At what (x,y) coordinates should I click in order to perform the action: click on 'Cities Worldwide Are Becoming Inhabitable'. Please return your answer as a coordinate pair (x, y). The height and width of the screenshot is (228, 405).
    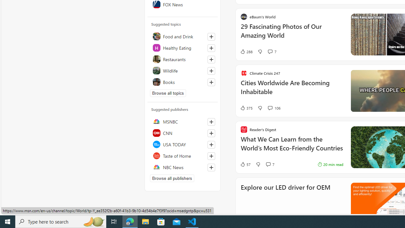
    Looking at the image, I should click on (291, 90).